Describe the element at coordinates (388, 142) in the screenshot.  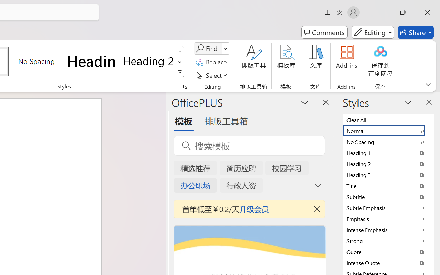
I see `'No Spacing'` at that location.